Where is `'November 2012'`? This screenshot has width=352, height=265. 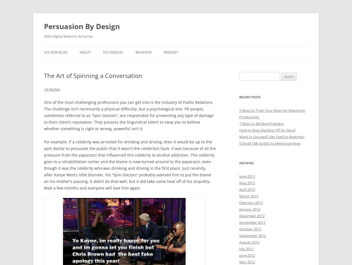
'November 2012' is located at coordinates (252, 222).